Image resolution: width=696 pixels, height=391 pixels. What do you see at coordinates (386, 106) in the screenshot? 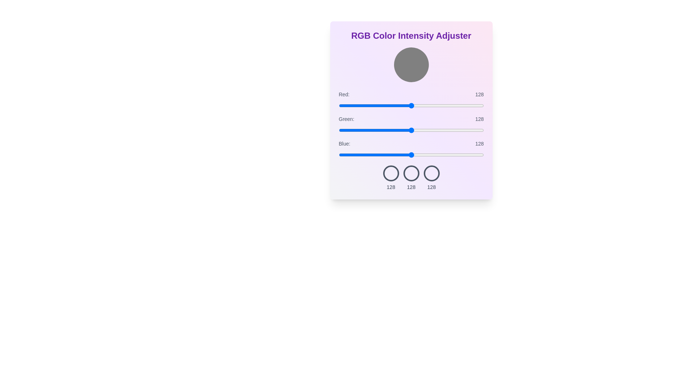
I see `the red color intensity slider to 85 value` at bounding box center [386, 106].